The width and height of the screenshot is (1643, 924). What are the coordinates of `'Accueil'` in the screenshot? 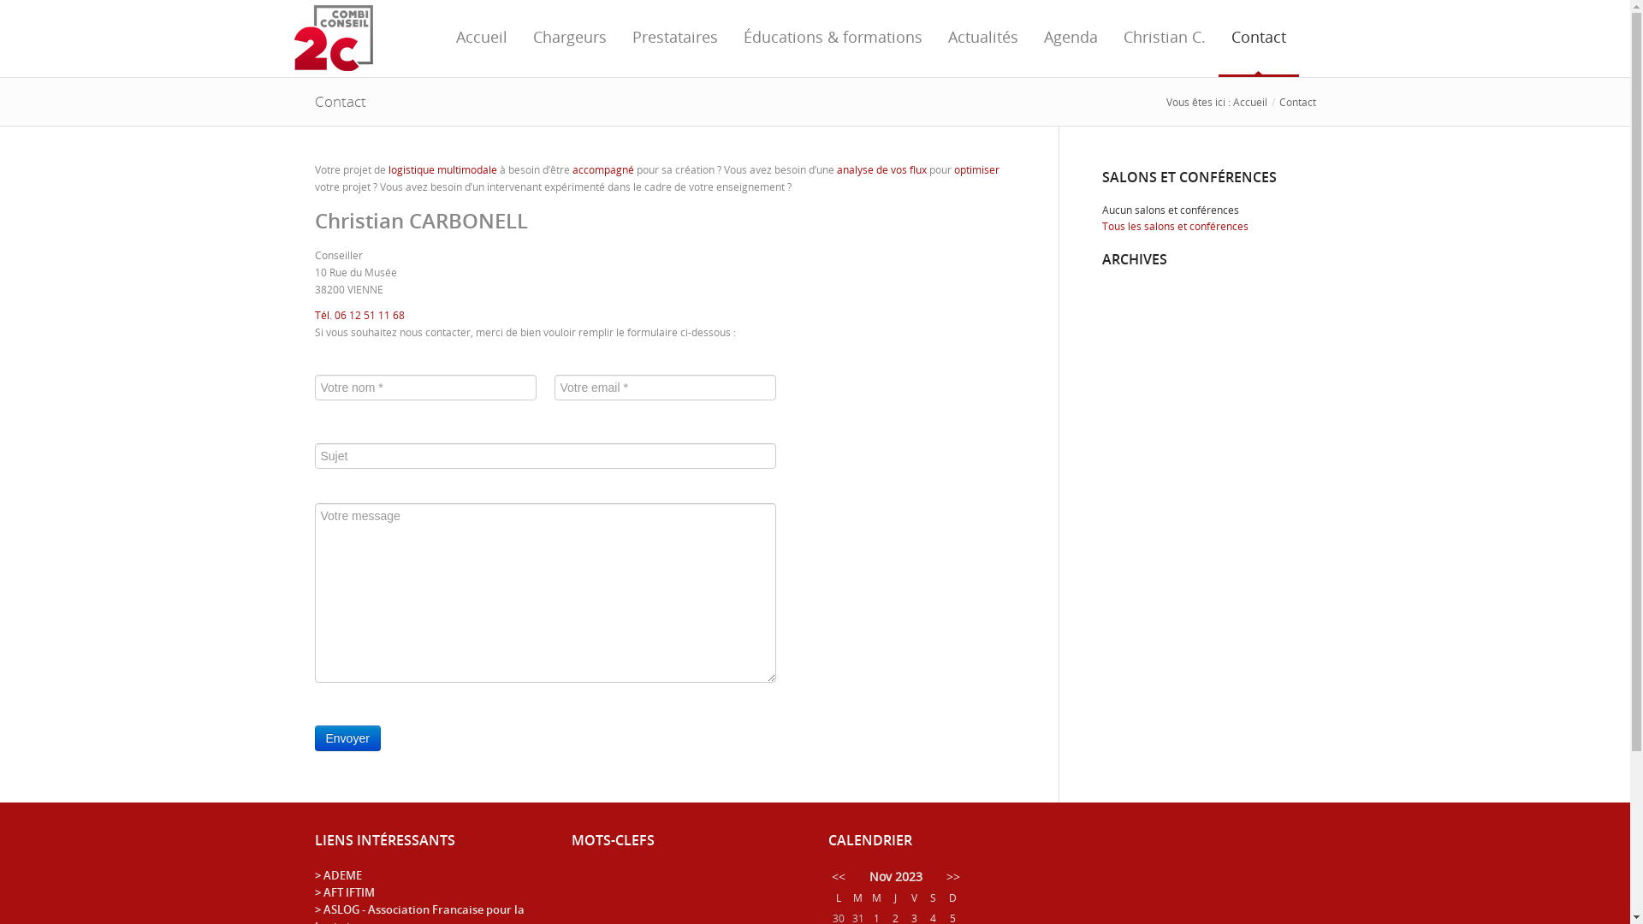 It's located at (1249, 102).